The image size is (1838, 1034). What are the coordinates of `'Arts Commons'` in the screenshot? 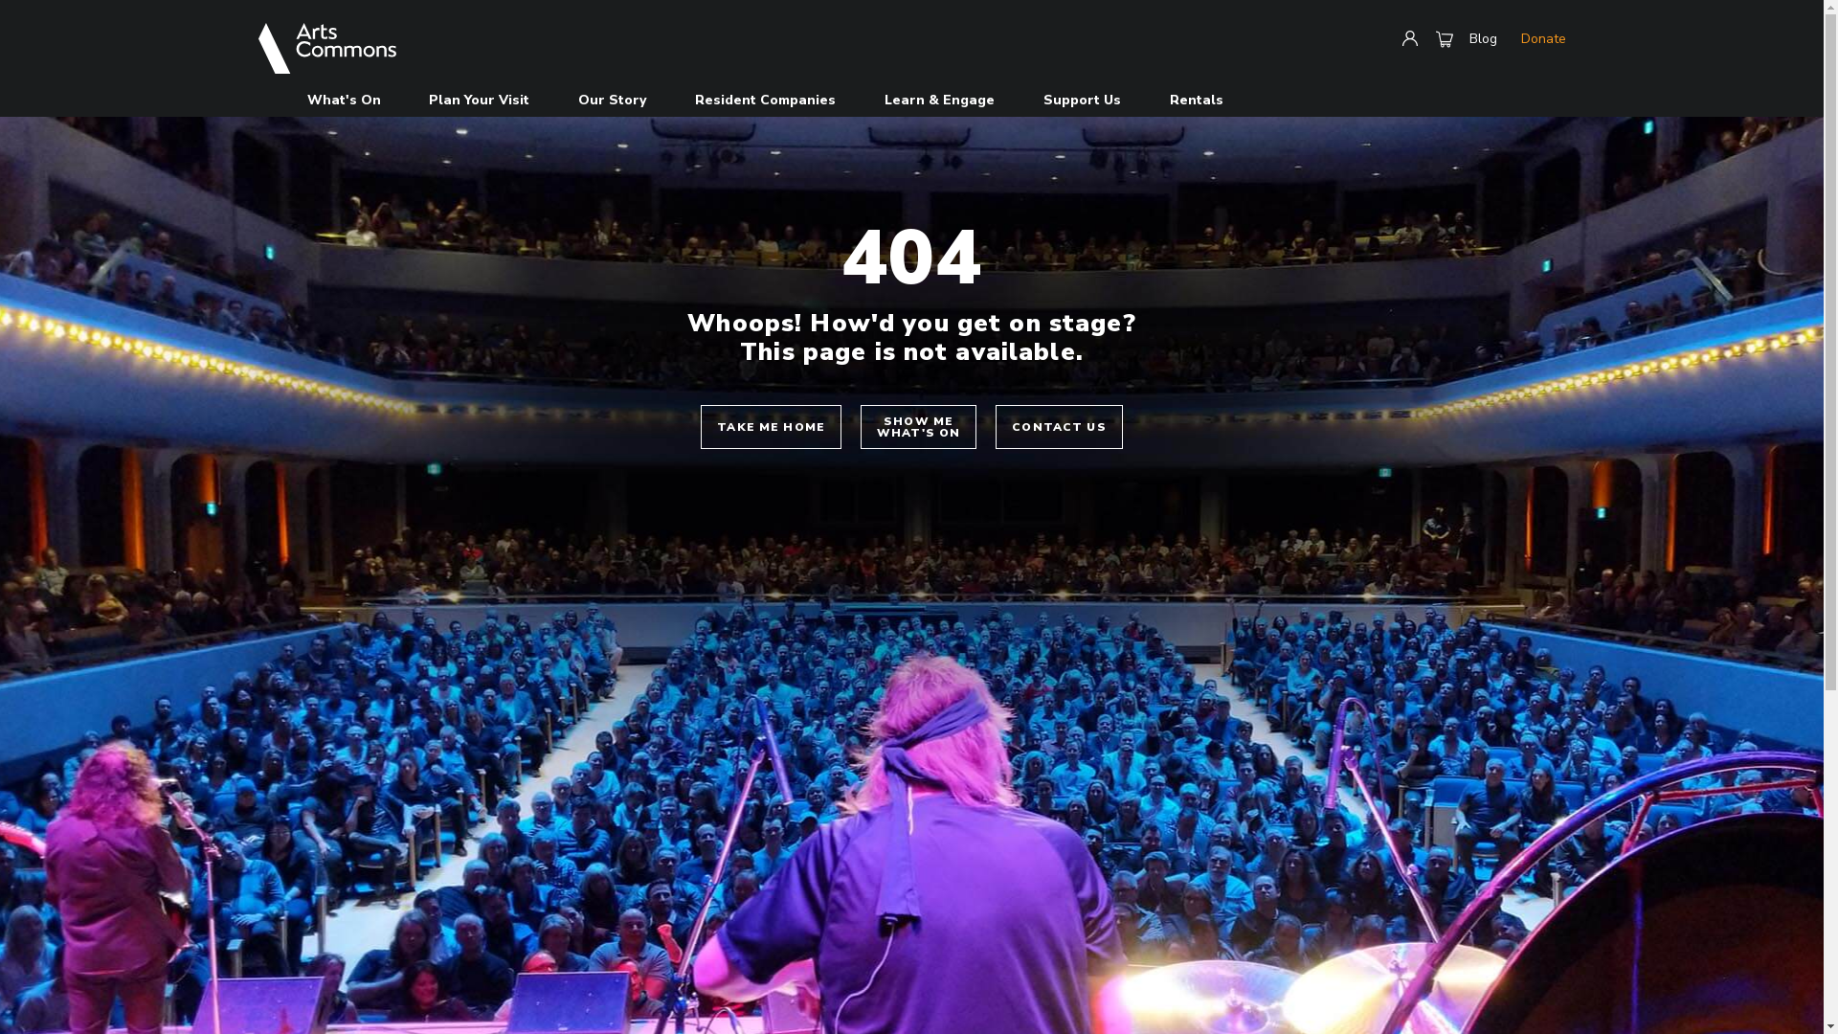 It's located at (326, 47).